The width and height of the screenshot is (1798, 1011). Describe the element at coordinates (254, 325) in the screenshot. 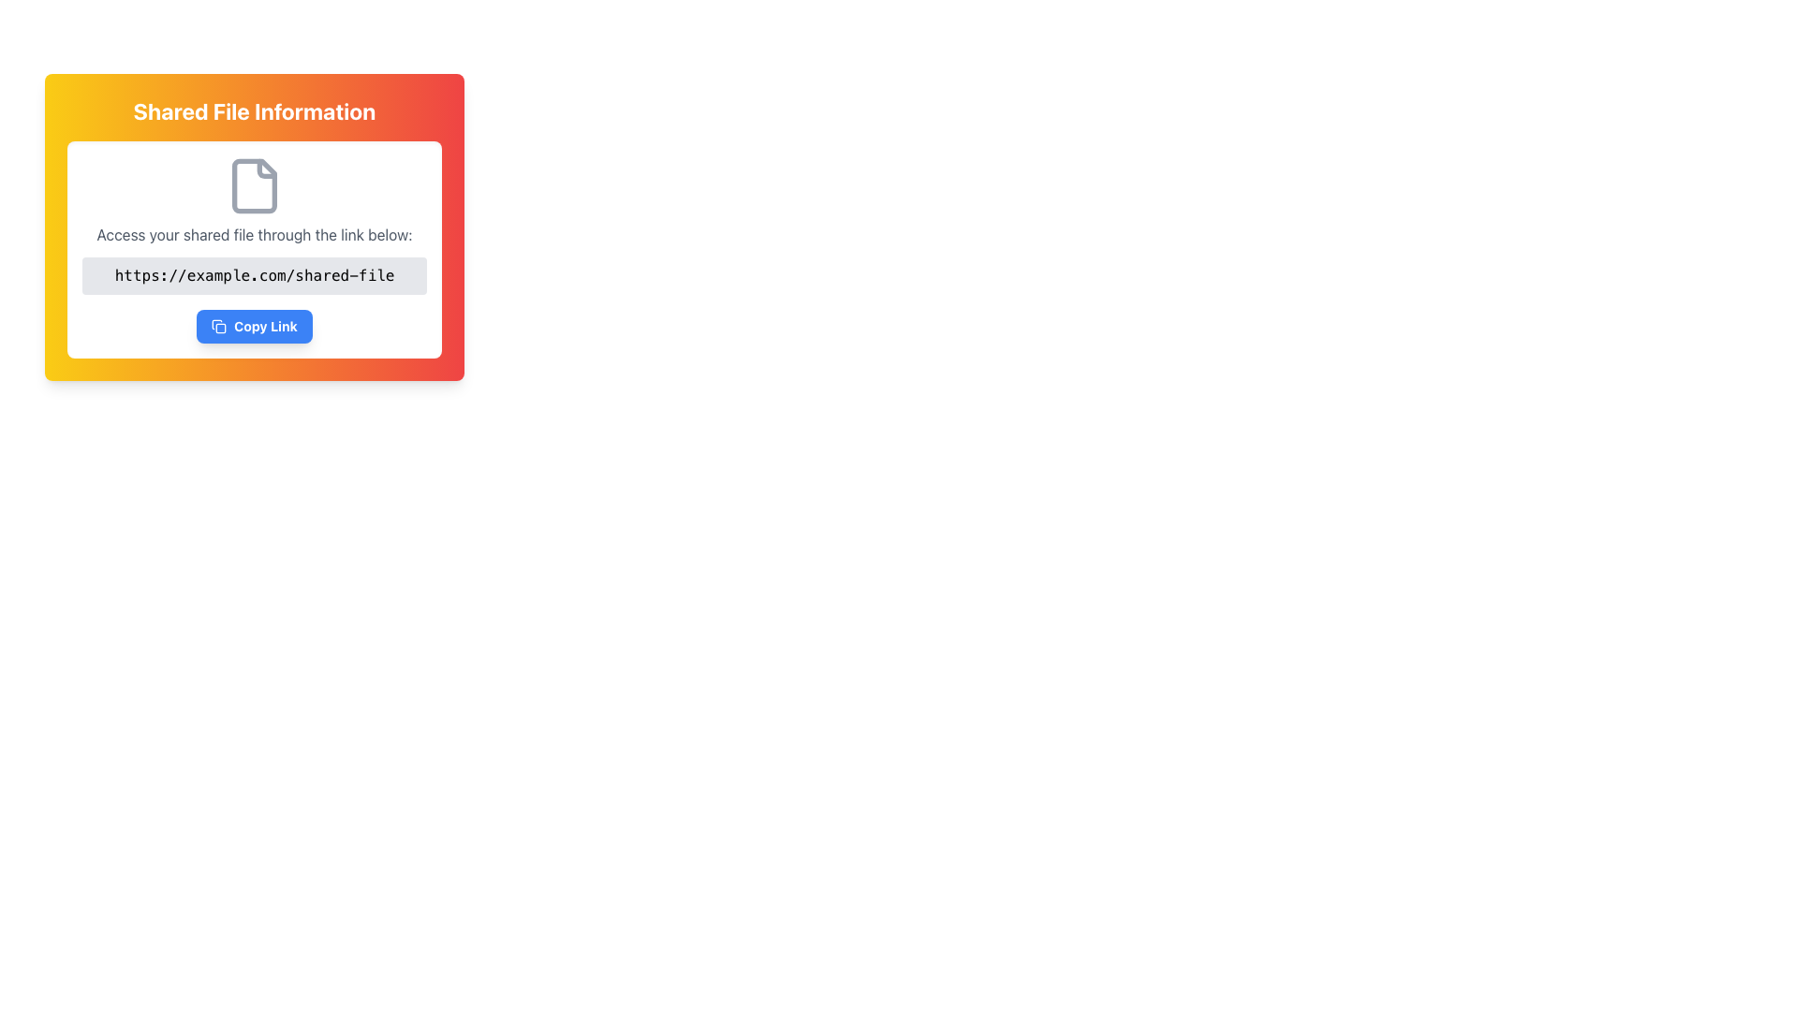

I see `the 'Copy Link' button, which is blue with rounded corners and features white text and a document icon` at that location.